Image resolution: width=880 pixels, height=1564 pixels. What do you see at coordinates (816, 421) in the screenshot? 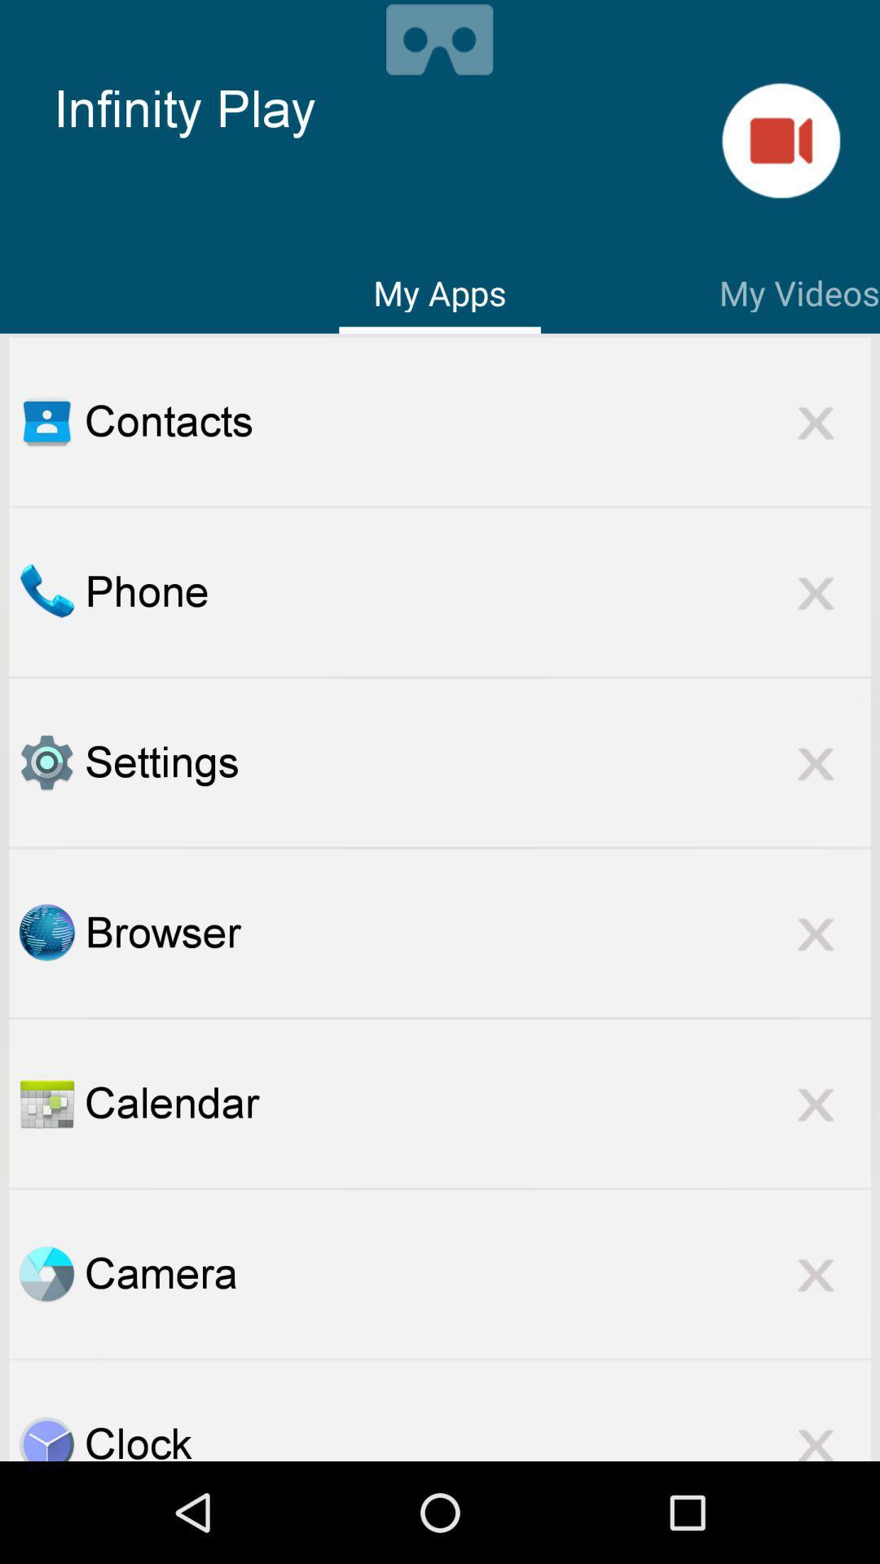
I see `closed` at bounding box center [816, 421].